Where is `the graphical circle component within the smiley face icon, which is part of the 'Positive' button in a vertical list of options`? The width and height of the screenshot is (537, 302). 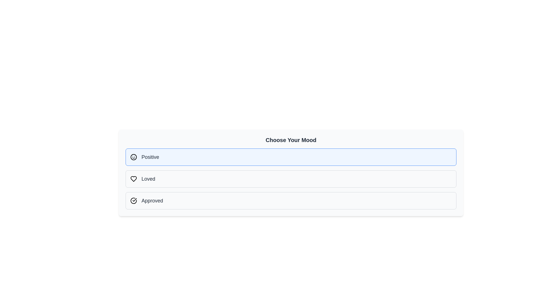
the graphical circle component within the smiley face icon, which is part of the 'Positive' button in a vertical list of options is located at coordinates (133, 157).